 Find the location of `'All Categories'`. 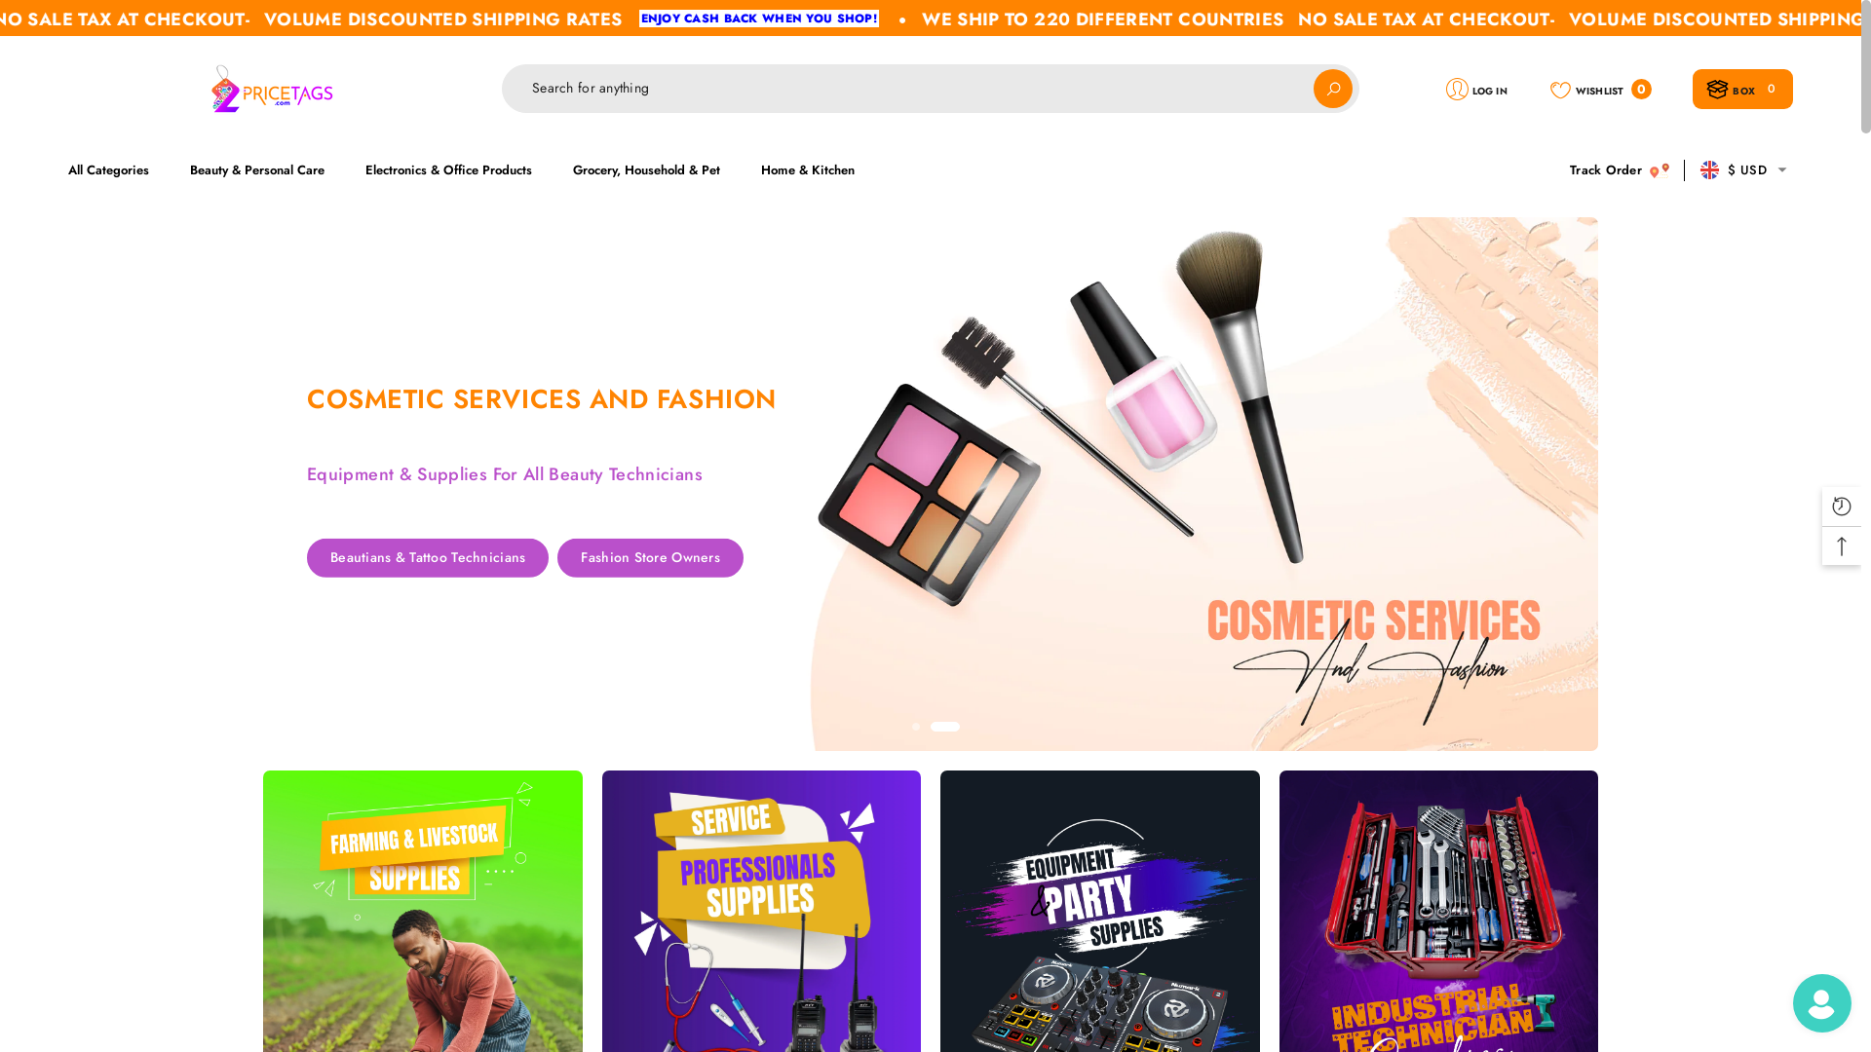

'All Categories' is located at coordinates (117, 169).